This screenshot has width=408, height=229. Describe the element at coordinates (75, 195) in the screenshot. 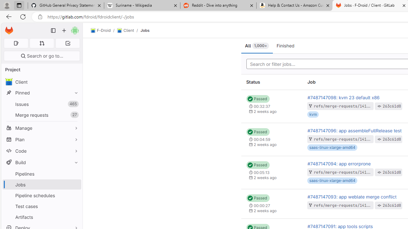

I see `'Pin Pipeline schedules'` at that location.